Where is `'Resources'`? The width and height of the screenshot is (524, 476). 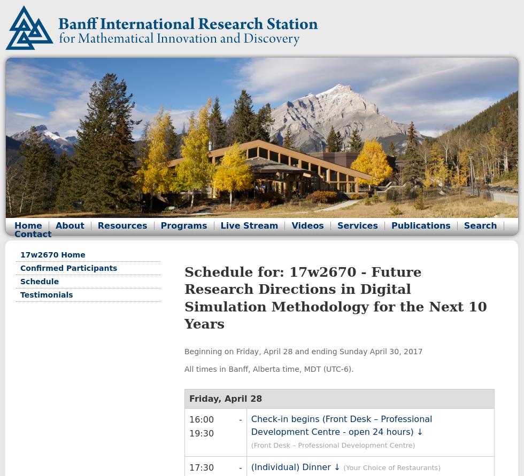 'Resources' is located at coordinates (97, 225).